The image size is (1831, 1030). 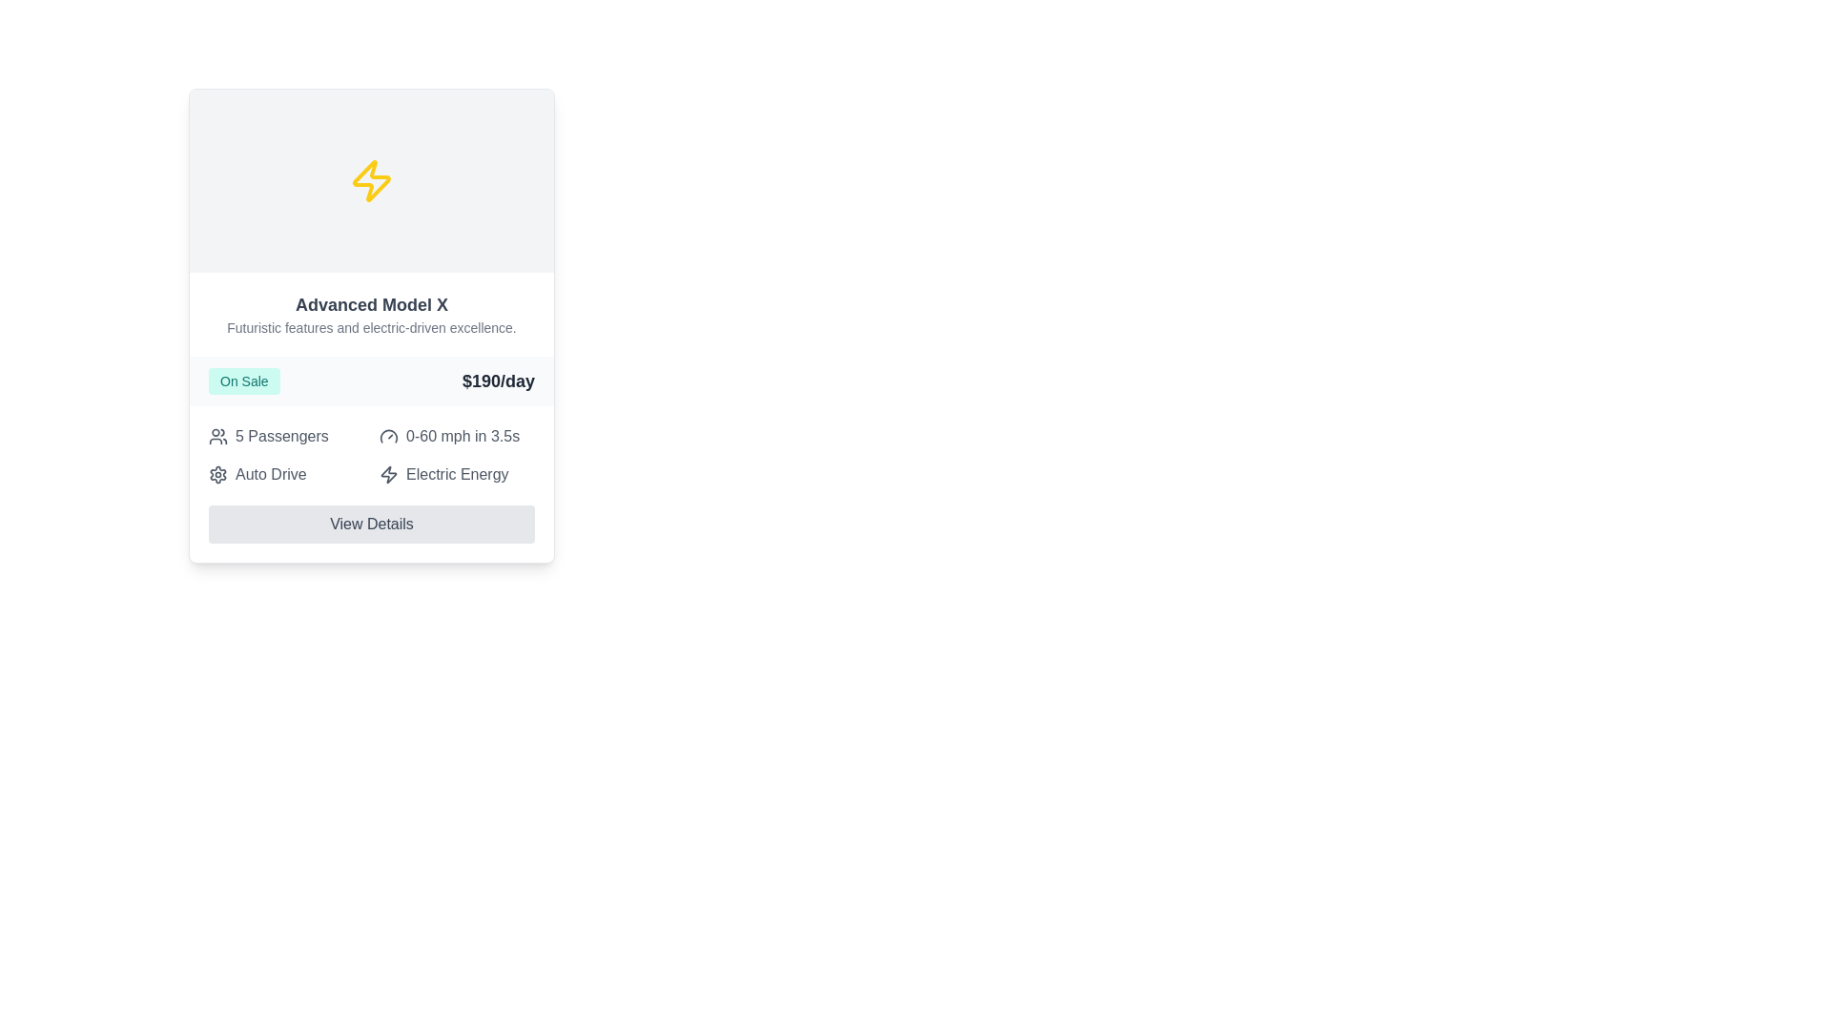 I want to click on the specifications Content block for the vehicle, located at the bottom section of the vehicle model card, below the title and price sections, so click(x=371, y=484).